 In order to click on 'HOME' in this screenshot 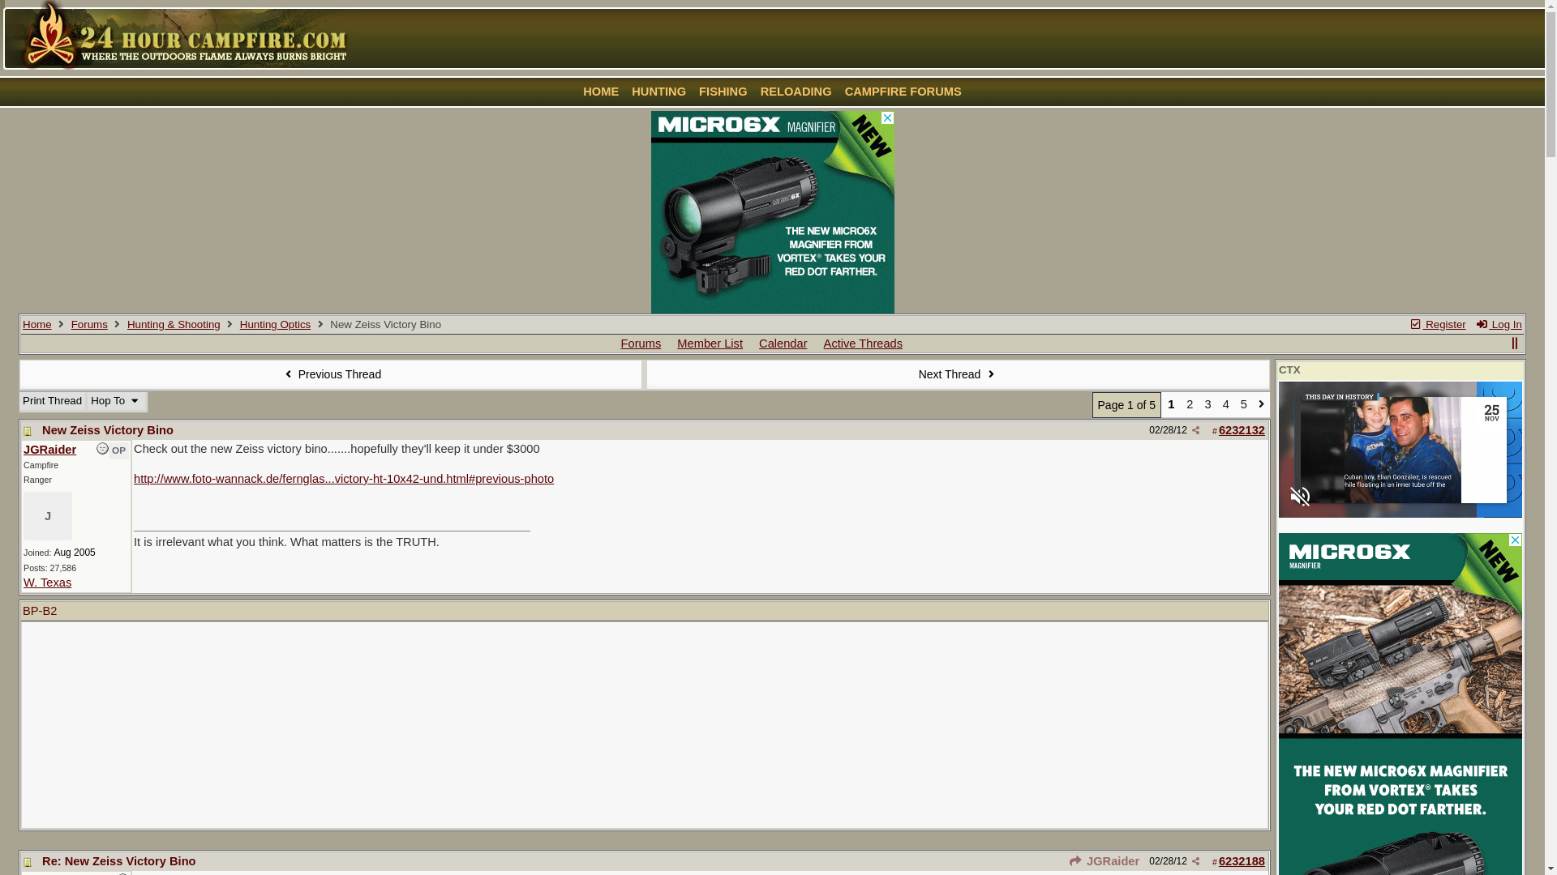, I will do `click(578, 91)`.